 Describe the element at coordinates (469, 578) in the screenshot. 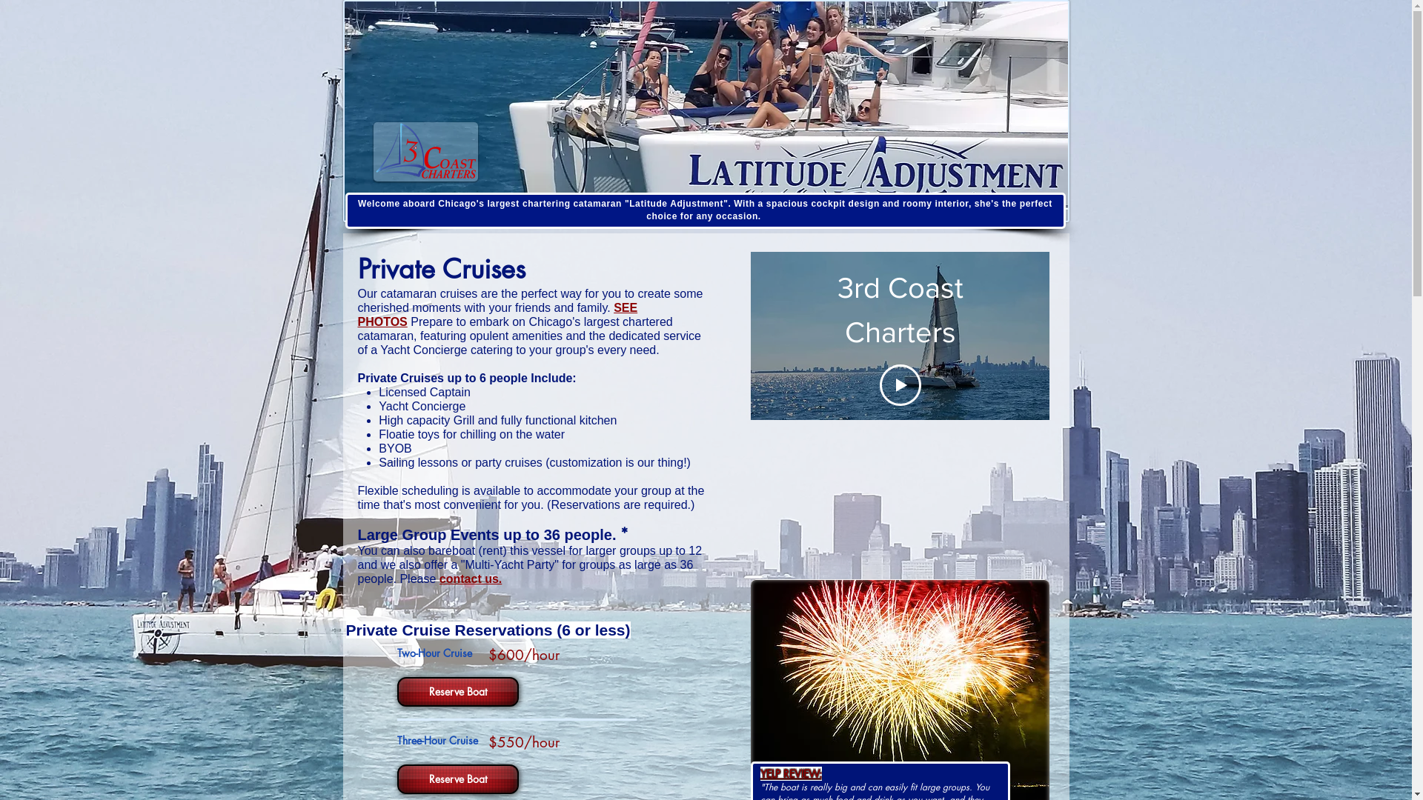

I see `'contact us.'` at that location.